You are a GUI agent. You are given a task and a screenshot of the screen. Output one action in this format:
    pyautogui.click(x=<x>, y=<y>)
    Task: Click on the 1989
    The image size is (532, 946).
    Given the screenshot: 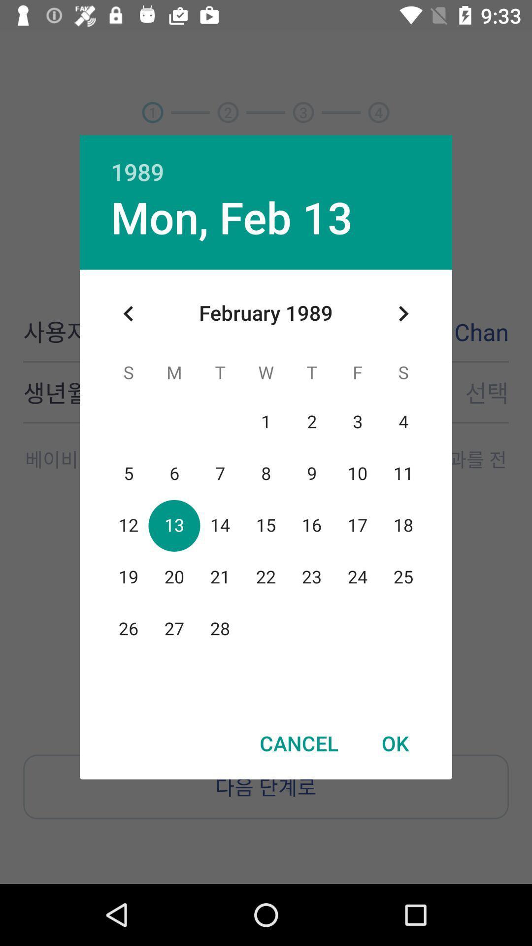 What is the action you would take?
    pyautogui.click(x=266, y=161)
    